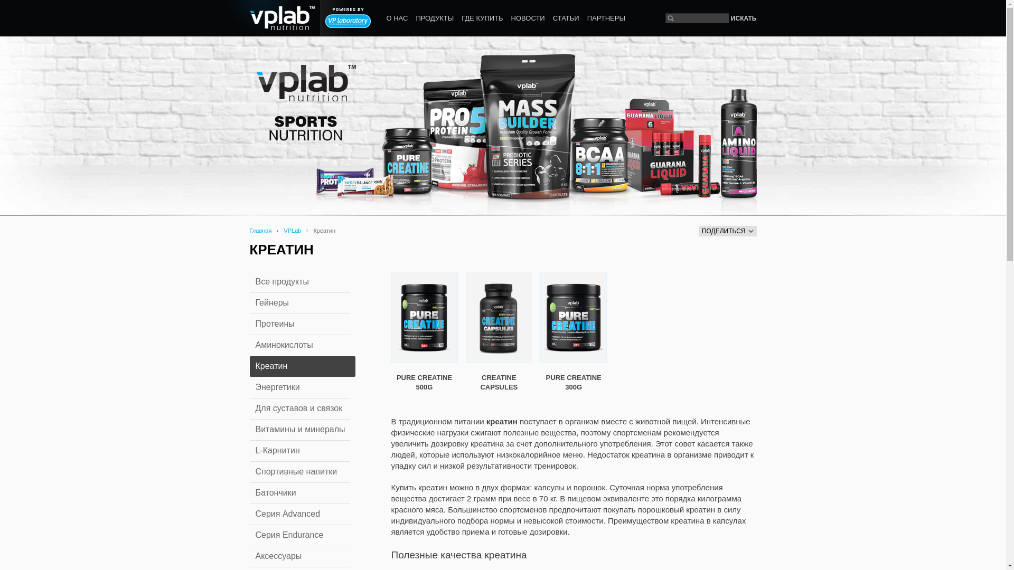 This screenshot has height=570, width=1014. I want to click on 'VPLab', so click(292, 230).